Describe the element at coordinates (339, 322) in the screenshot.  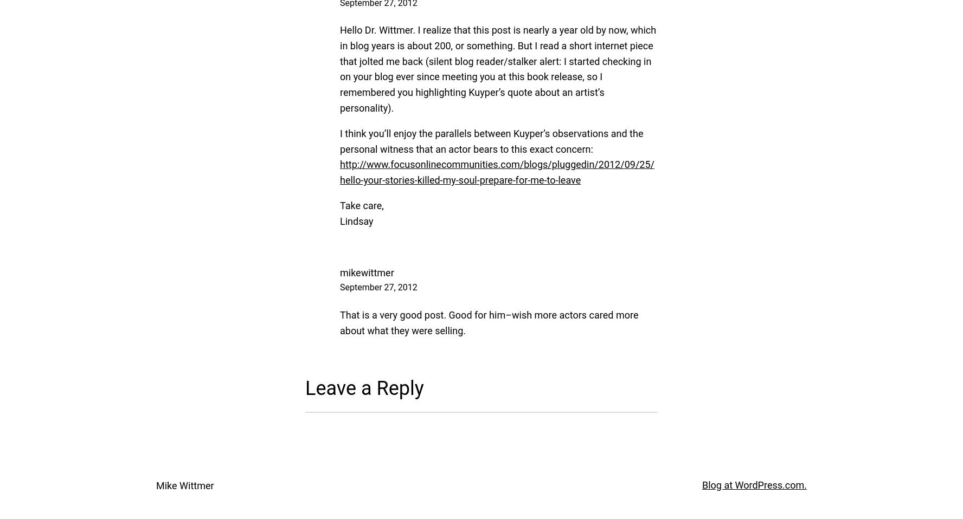
I see `'That is a very good post. Good for him–wish more actors cared more about what they were selling.'` at that location.